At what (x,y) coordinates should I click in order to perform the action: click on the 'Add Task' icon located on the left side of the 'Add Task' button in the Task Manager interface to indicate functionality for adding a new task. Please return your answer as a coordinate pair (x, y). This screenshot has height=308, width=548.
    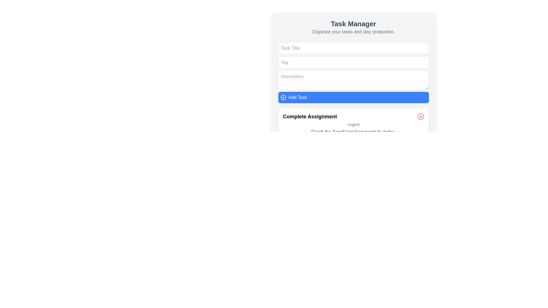
    Looking at the image, I should click on (283, 97).